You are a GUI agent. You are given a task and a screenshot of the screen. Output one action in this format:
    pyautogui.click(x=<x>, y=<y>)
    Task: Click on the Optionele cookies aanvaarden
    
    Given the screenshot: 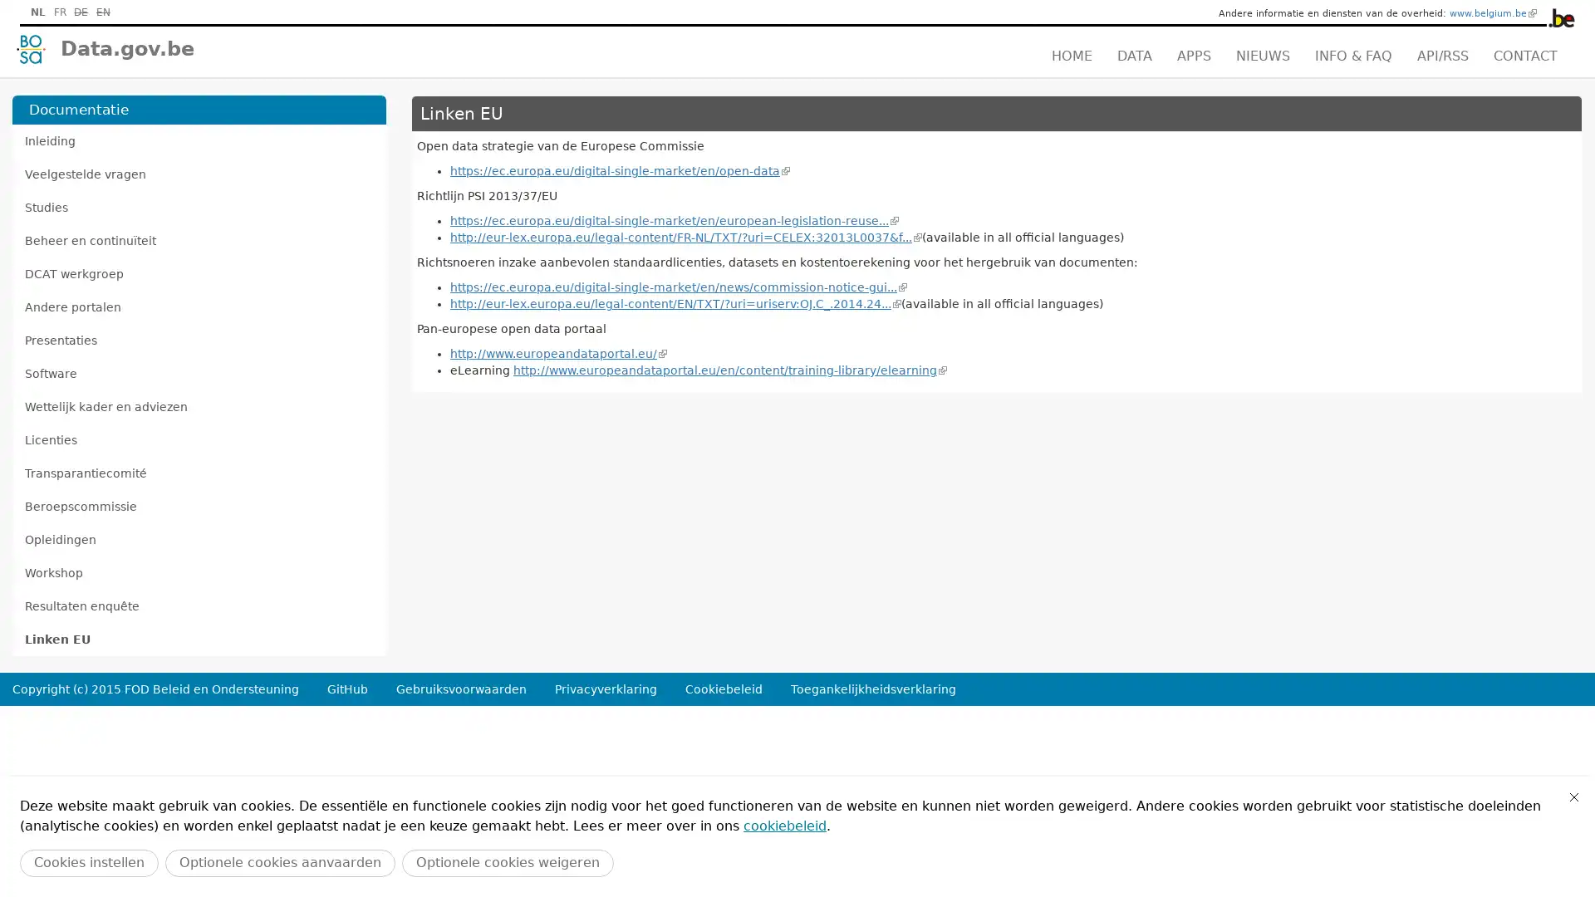 What is the action you would take?
    pyautogui.click(x=280, y=862)
    